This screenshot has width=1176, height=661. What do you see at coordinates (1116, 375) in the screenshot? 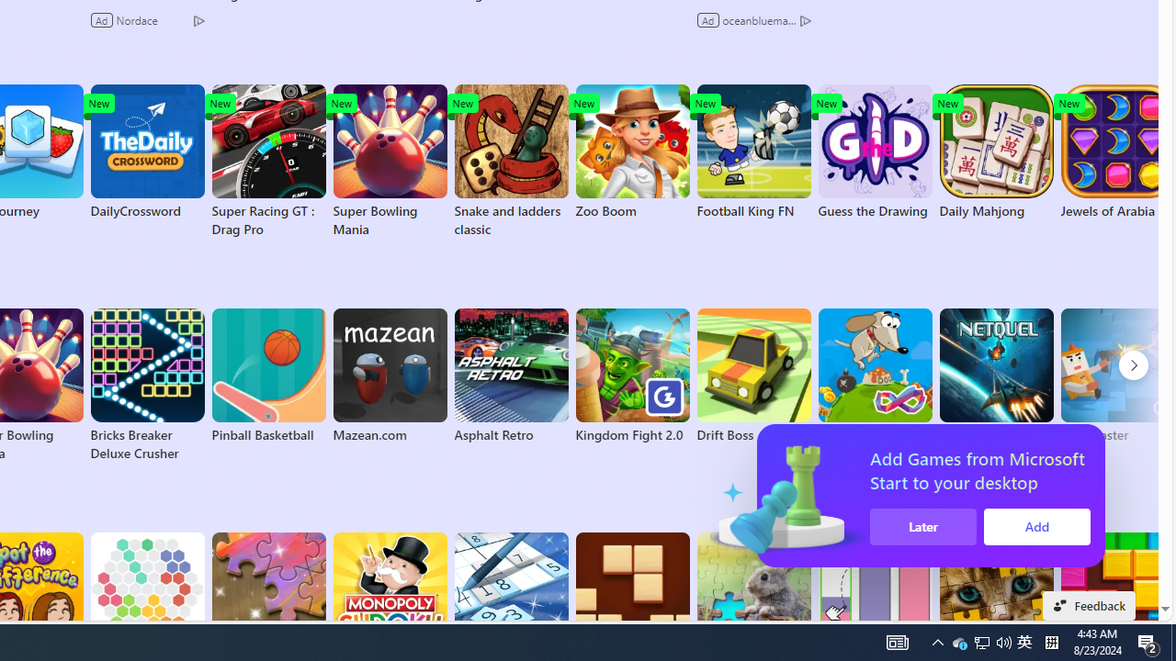
I see `'Gun Master'` at bounding box center [1116, 375].